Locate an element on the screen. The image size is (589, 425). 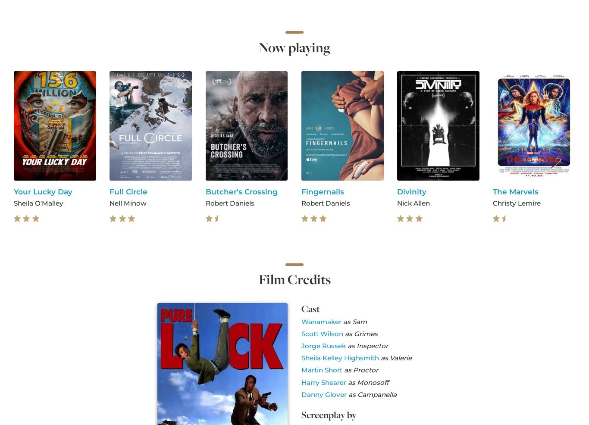
'Full Circle' is located at coordinates (128, 191).